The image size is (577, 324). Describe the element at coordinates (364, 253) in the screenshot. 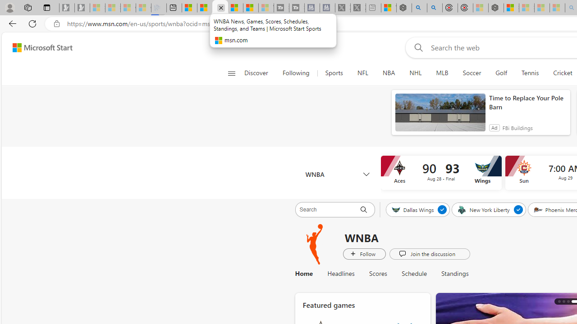

I see `'Follow WNBA 2024'` at that location.